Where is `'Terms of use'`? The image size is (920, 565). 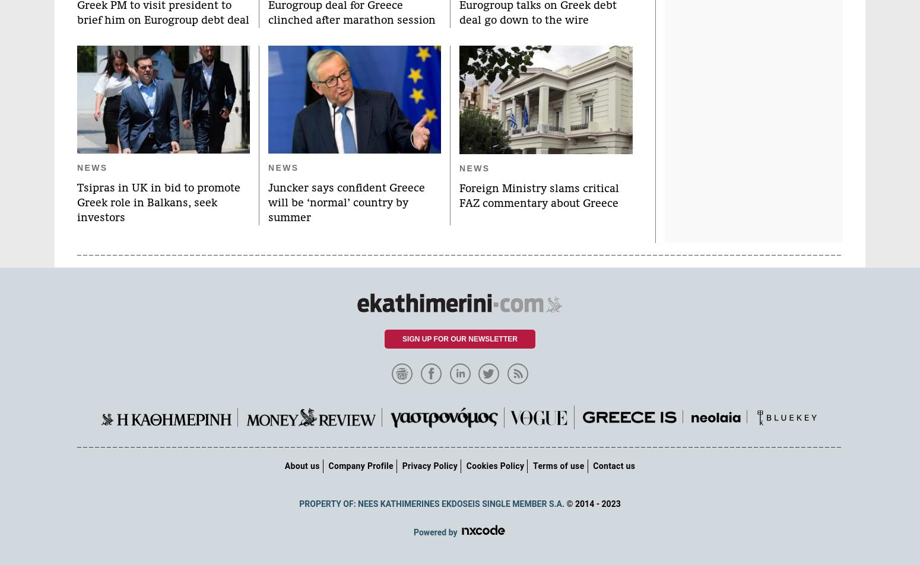
'Terms of use' is located at coordinates (558, 466).